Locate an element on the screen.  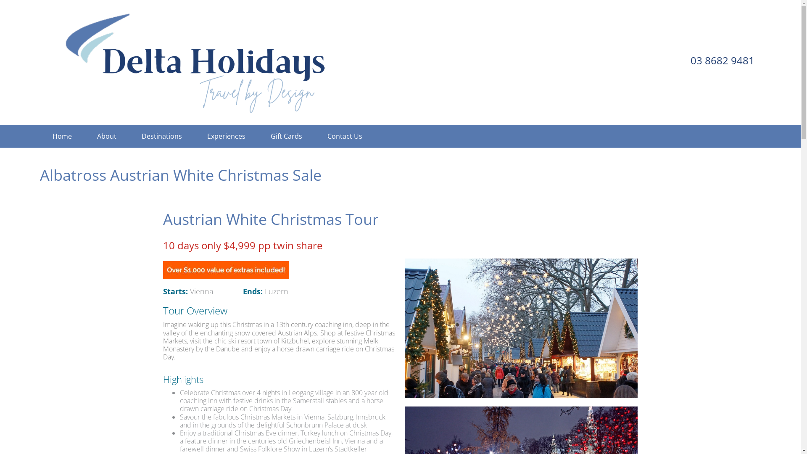
'03 8682 9481' is located at coordinates (722, 60).